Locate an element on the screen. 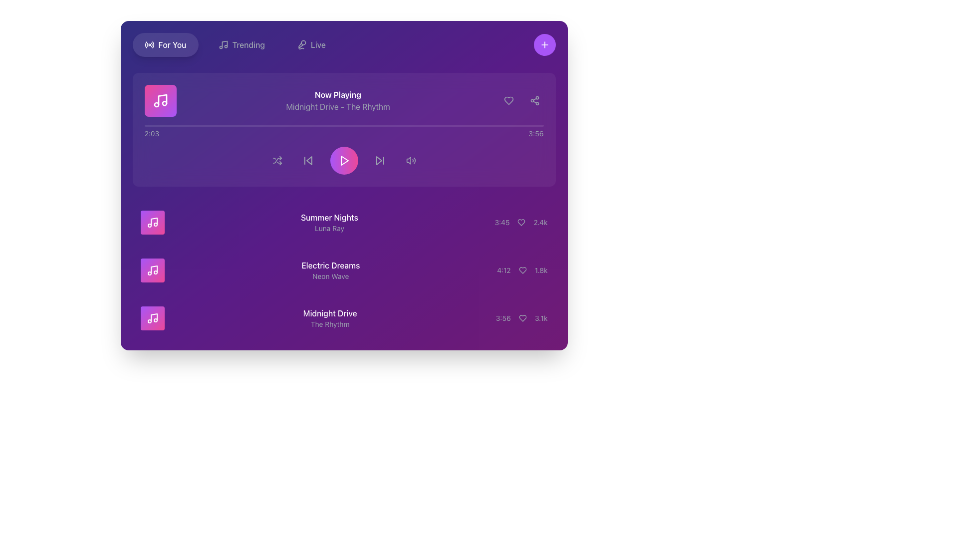  the triangular 'Play' button icon located in the circular gradient background is located at coordinates (344, 160).